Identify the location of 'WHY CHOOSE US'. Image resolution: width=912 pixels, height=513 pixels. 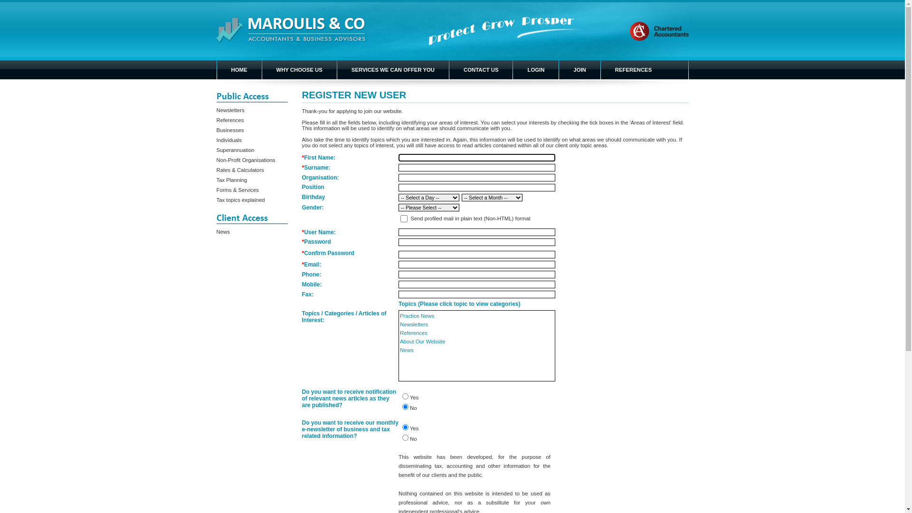
(299, 69).